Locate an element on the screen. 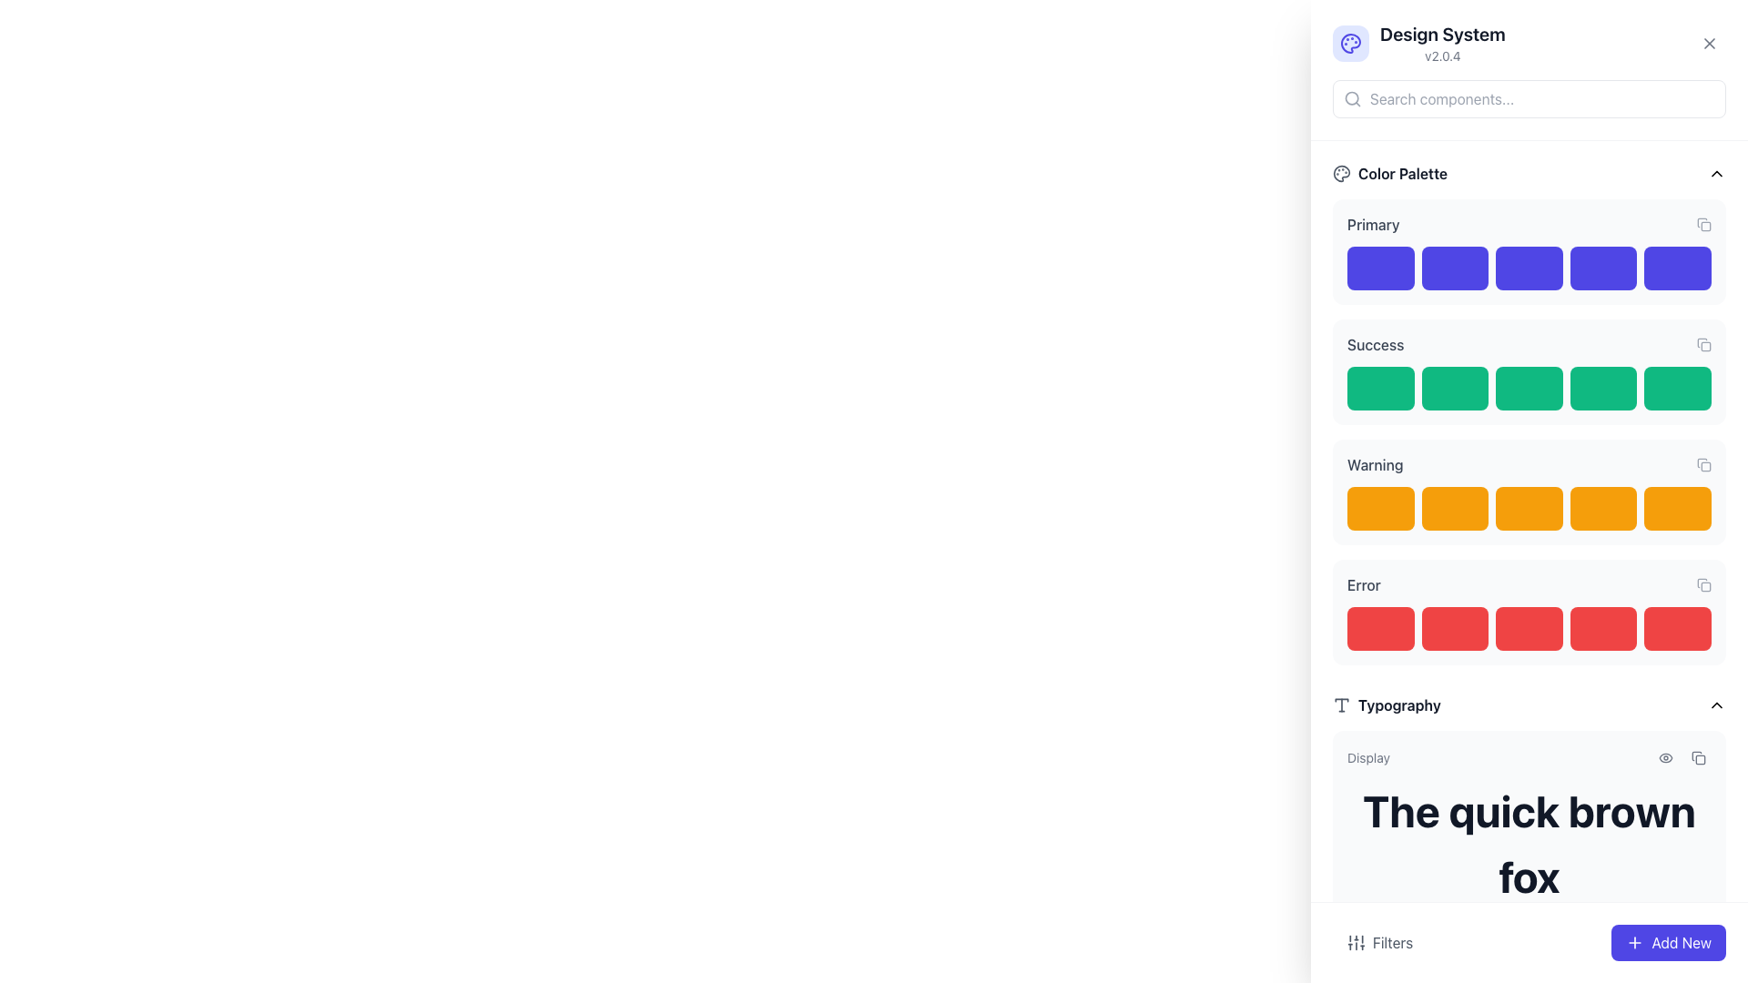 This screenshot has height=983, width=1748. the interactive eye icon button, which is the first in a horizontal row of icons is located at coordinates (1665, 758).